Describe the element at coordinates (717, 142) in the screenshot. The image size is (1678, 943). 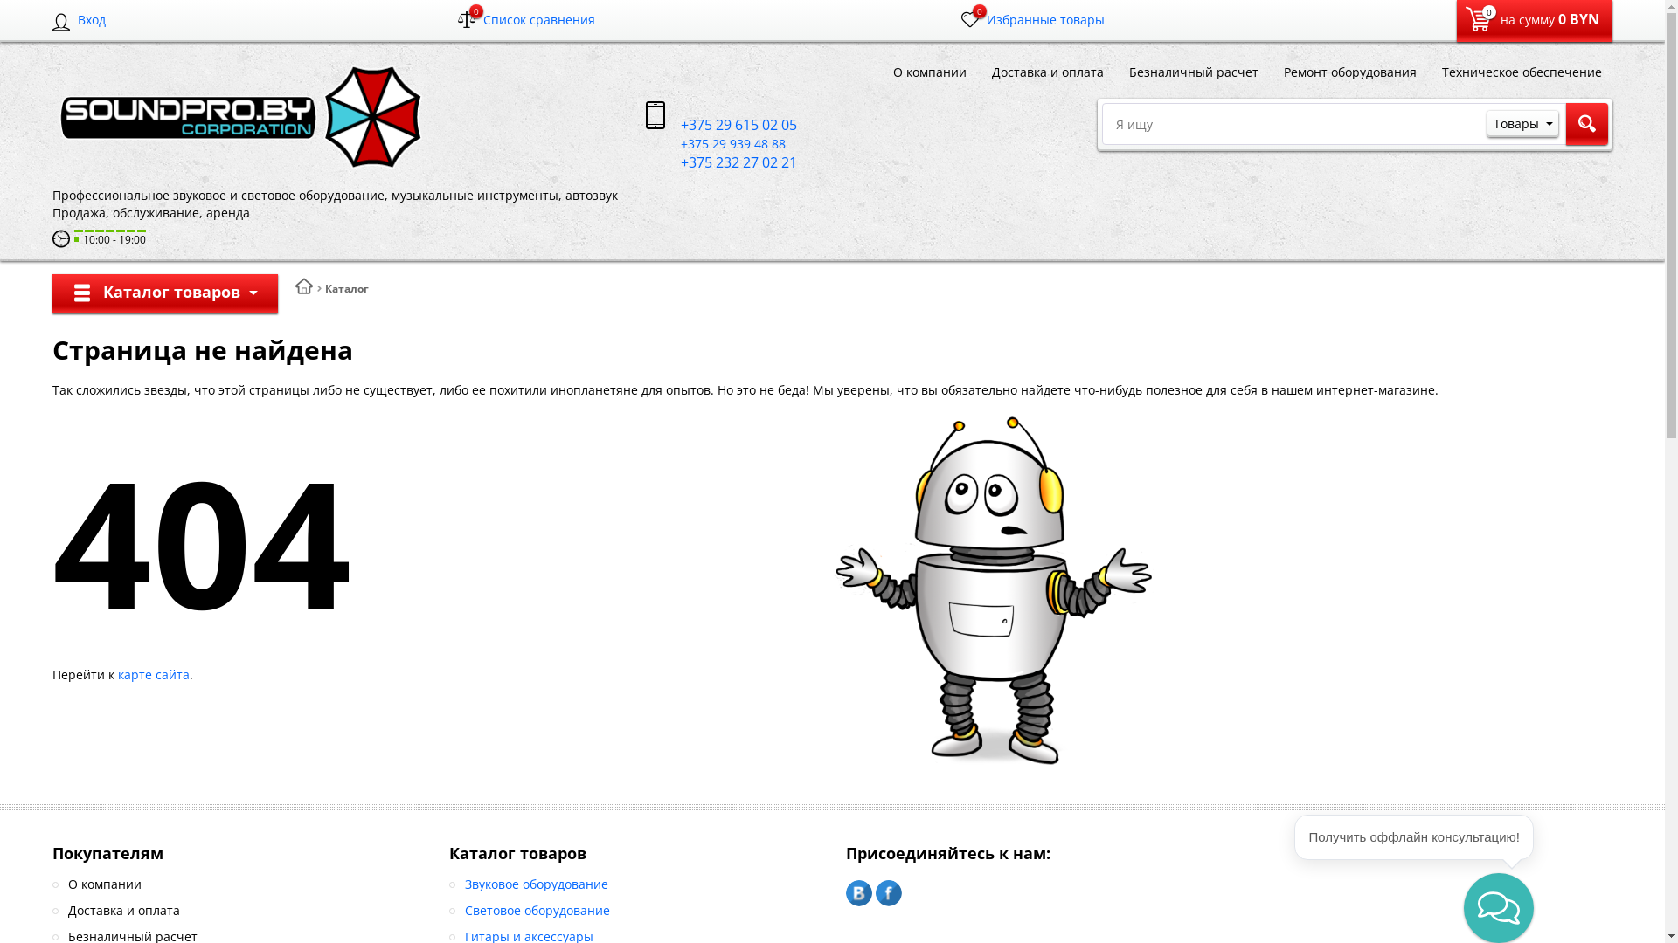
I see `'          +375 29 939 48 88 '` at that location.